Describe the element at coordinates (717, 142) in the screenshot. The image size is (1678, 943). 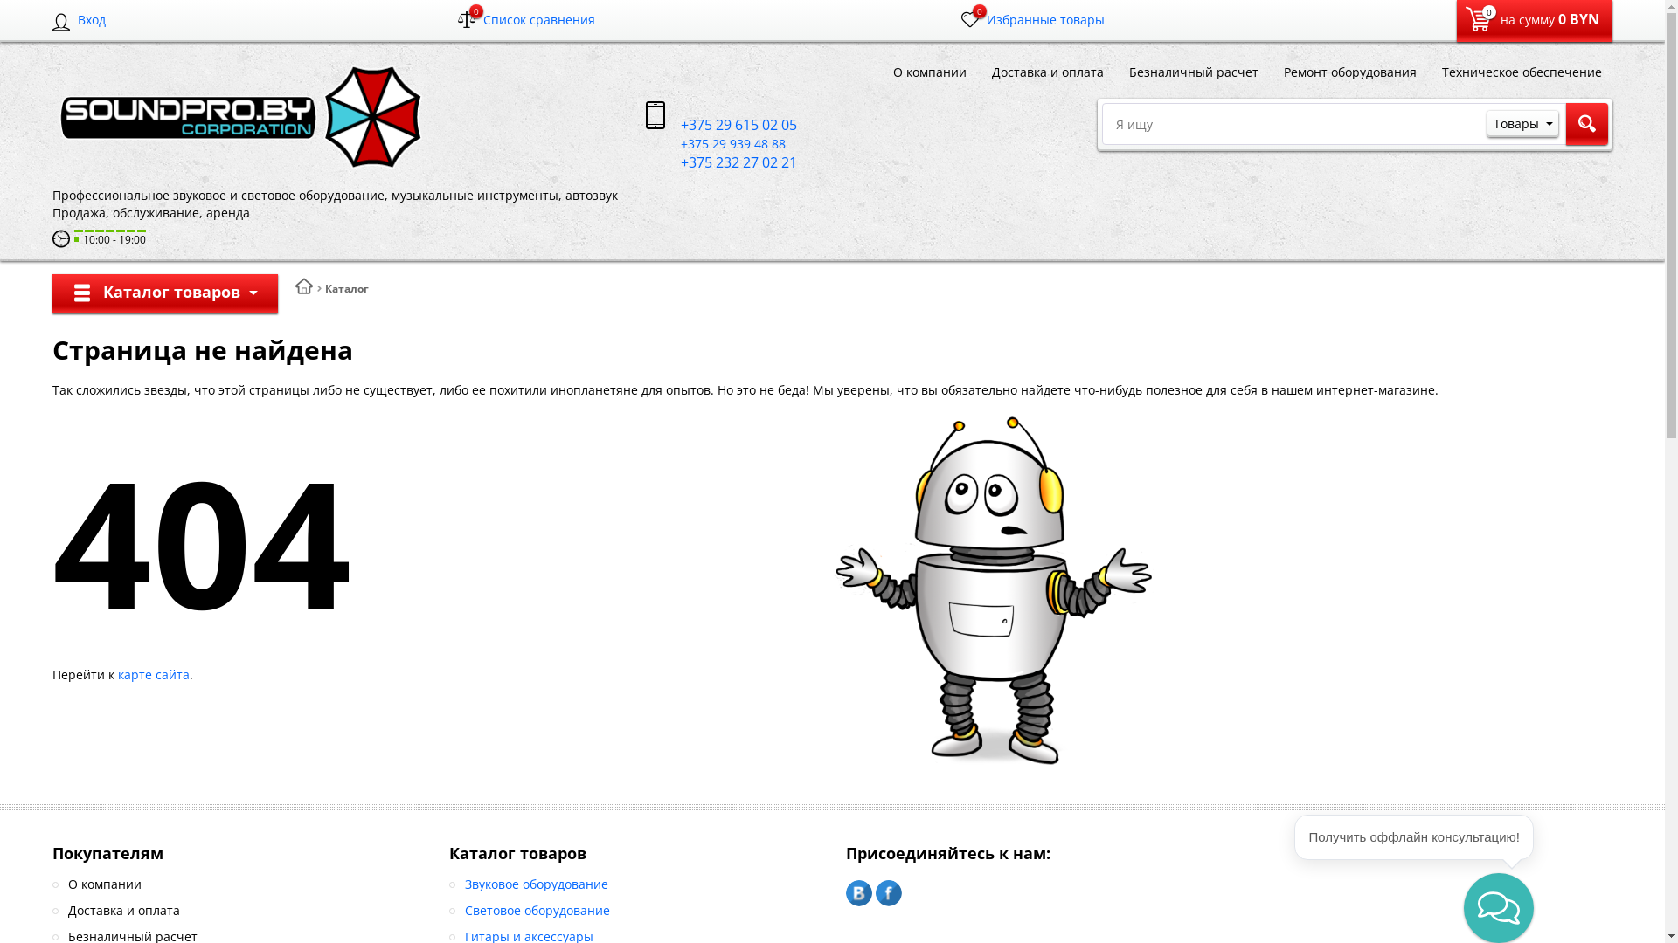
I see `'          +375 29 939 48 88 '` at that location.